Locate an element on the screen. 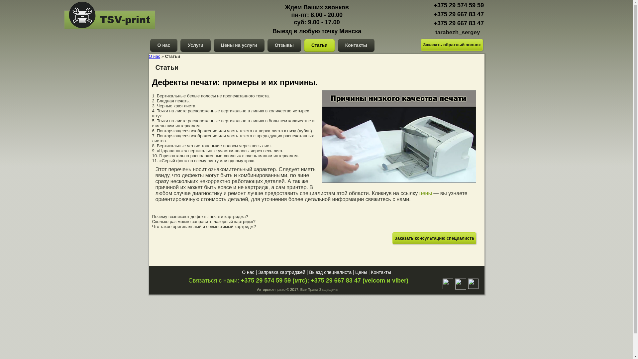  'tsv-print.by' is located at coordinates (91, 31).